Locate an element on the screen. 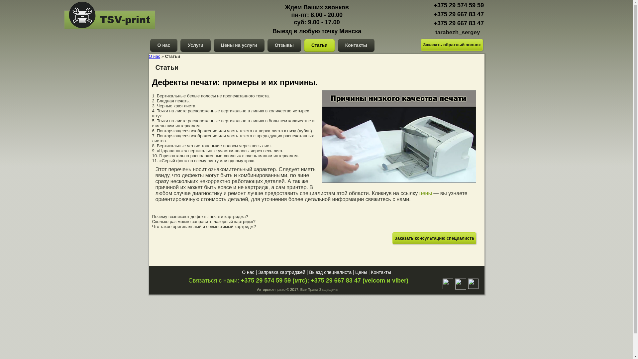  'tsv-print.by' is located at coordinates (91, 31).